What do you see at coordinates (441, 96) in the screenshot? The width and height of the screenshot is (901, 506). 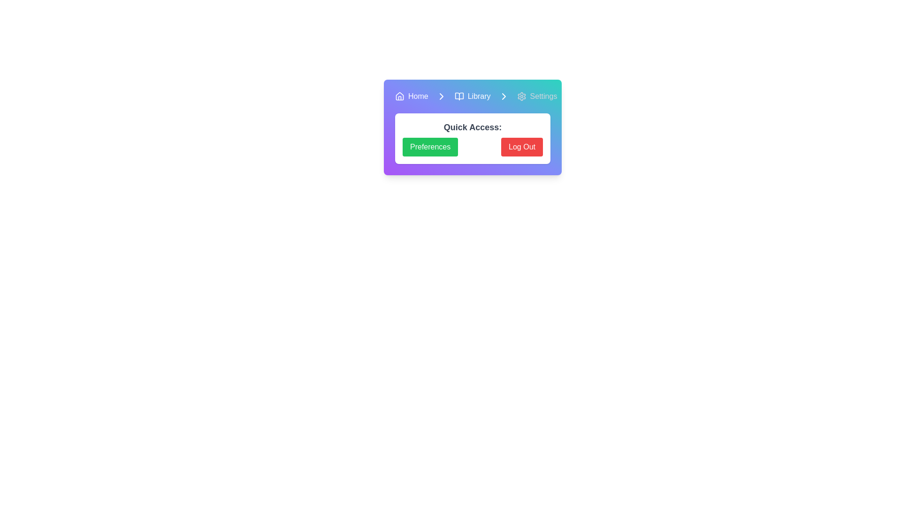 I see `the vector graphic icon located in the top navigation bar, adjacent to the 'Library' and 'Settings' options` at bounding box center [441, 96].